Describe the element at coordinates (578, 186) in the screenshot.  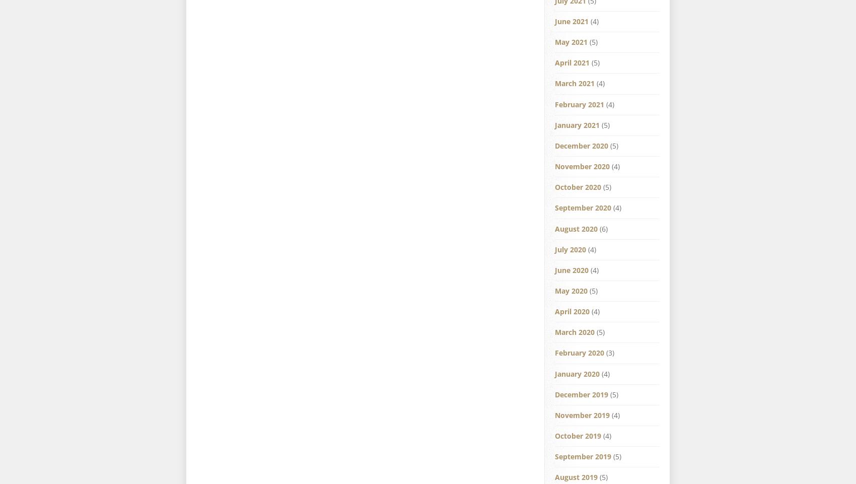
I see `'October 2020'` at that location.